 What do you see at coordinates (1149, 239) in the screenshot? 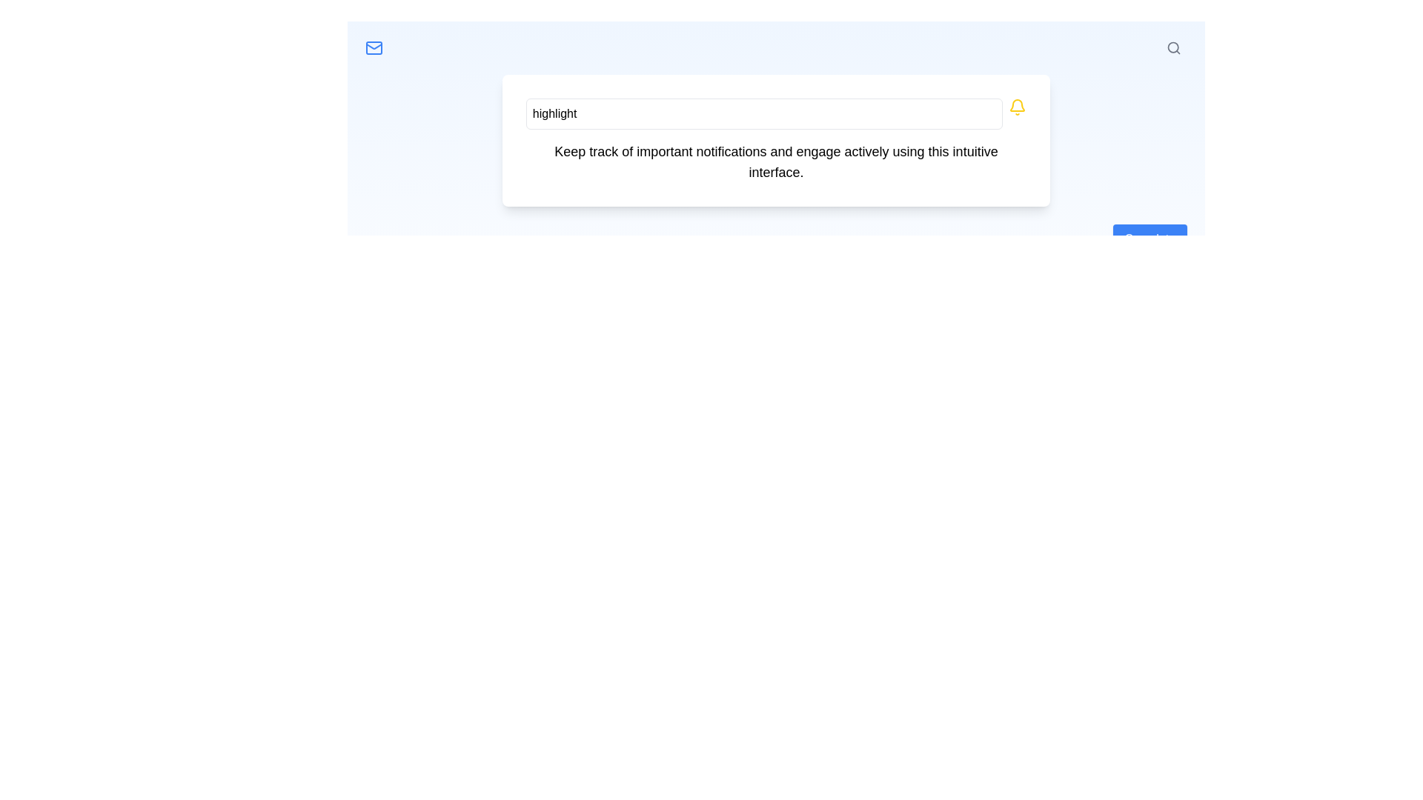
I see `the blue 'Complete' button located in the lower-right section of the visible card to observe hover-related behavior` at bounding box center [1149, 239].